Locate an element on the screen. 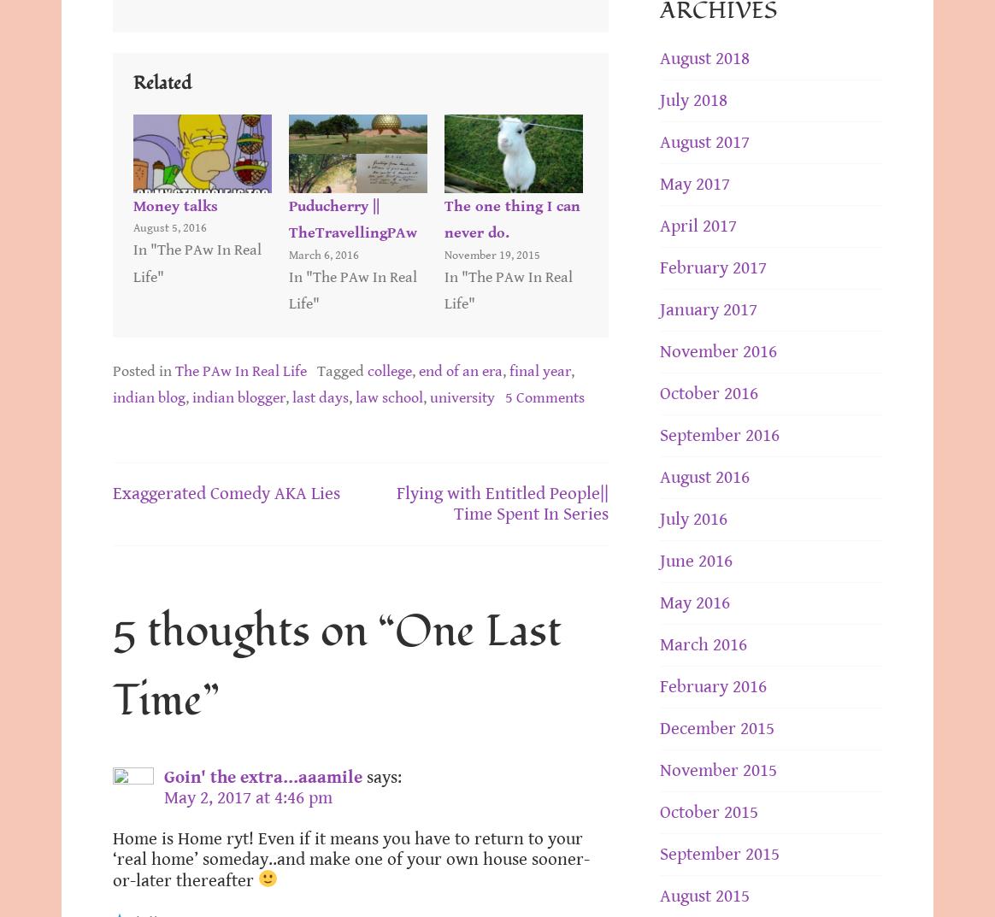 The image size is (995, 917). 'October 2015' is located at coordinates (658, 812).